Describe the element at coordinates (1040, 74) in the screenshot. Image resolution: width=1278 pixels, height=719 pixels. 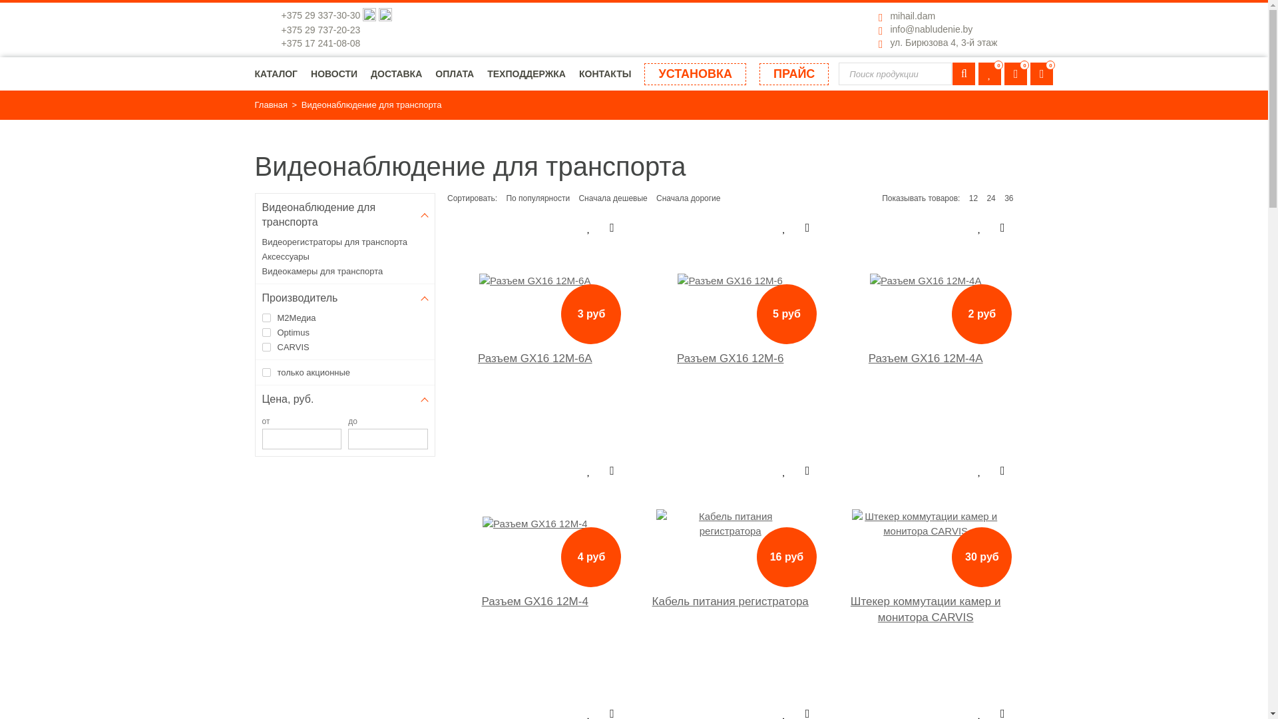
I see `'0'` at that location.